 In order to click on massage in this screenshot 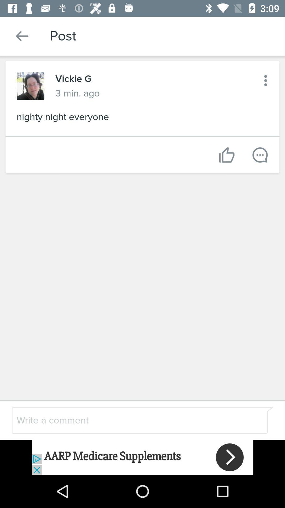, I will do `click(260, 155)`.